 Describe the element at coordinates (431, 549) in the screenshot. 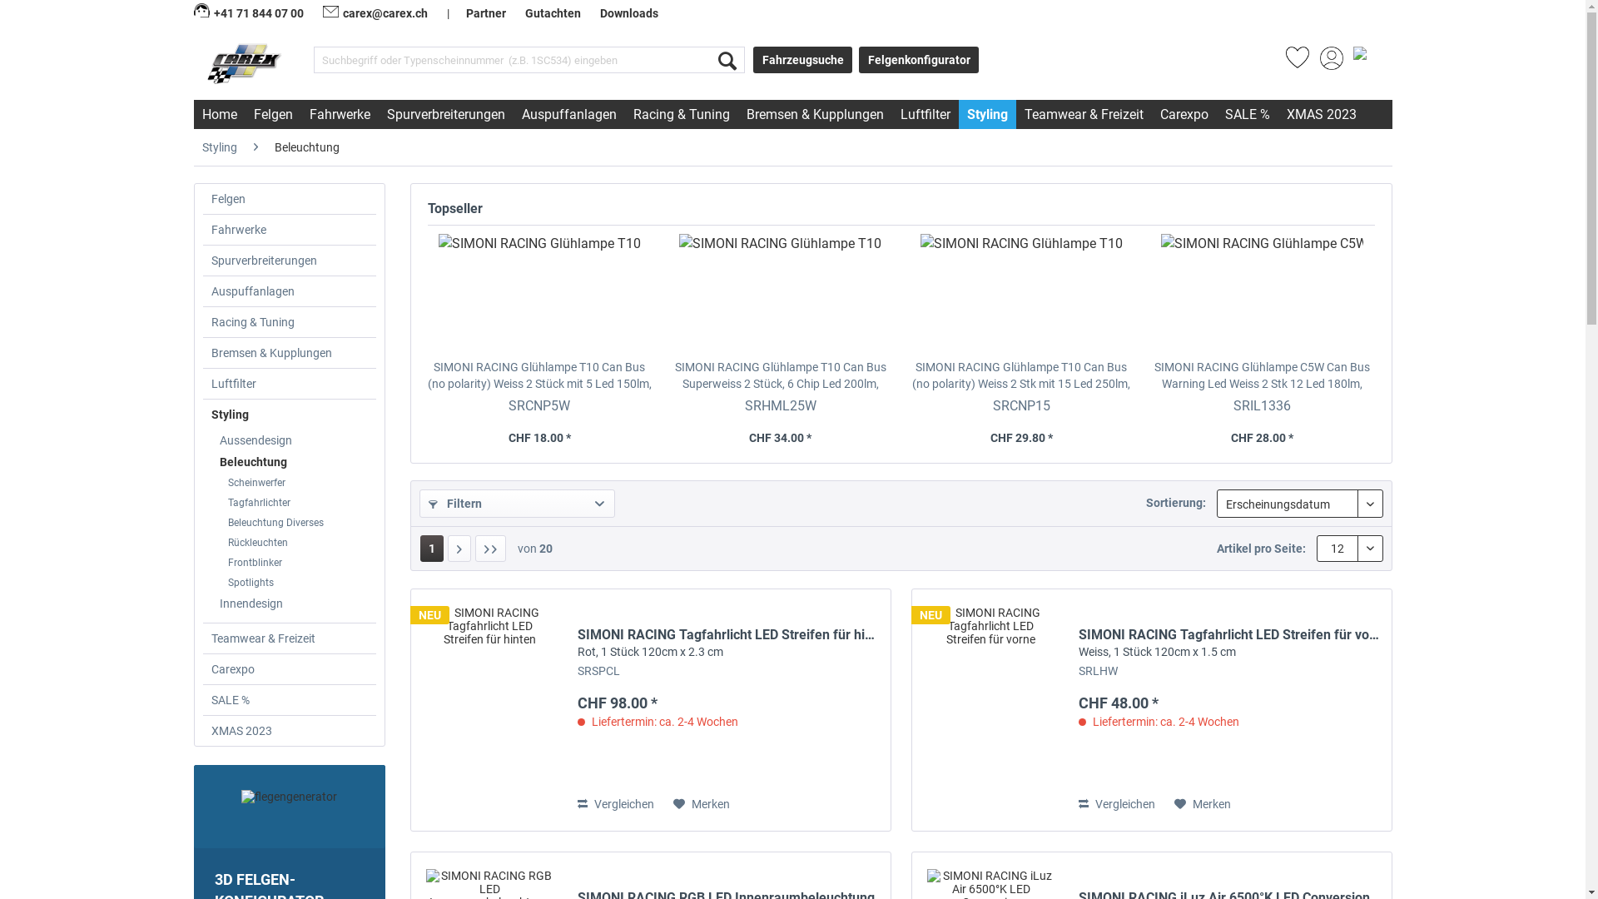

I see `'1'` at that location.